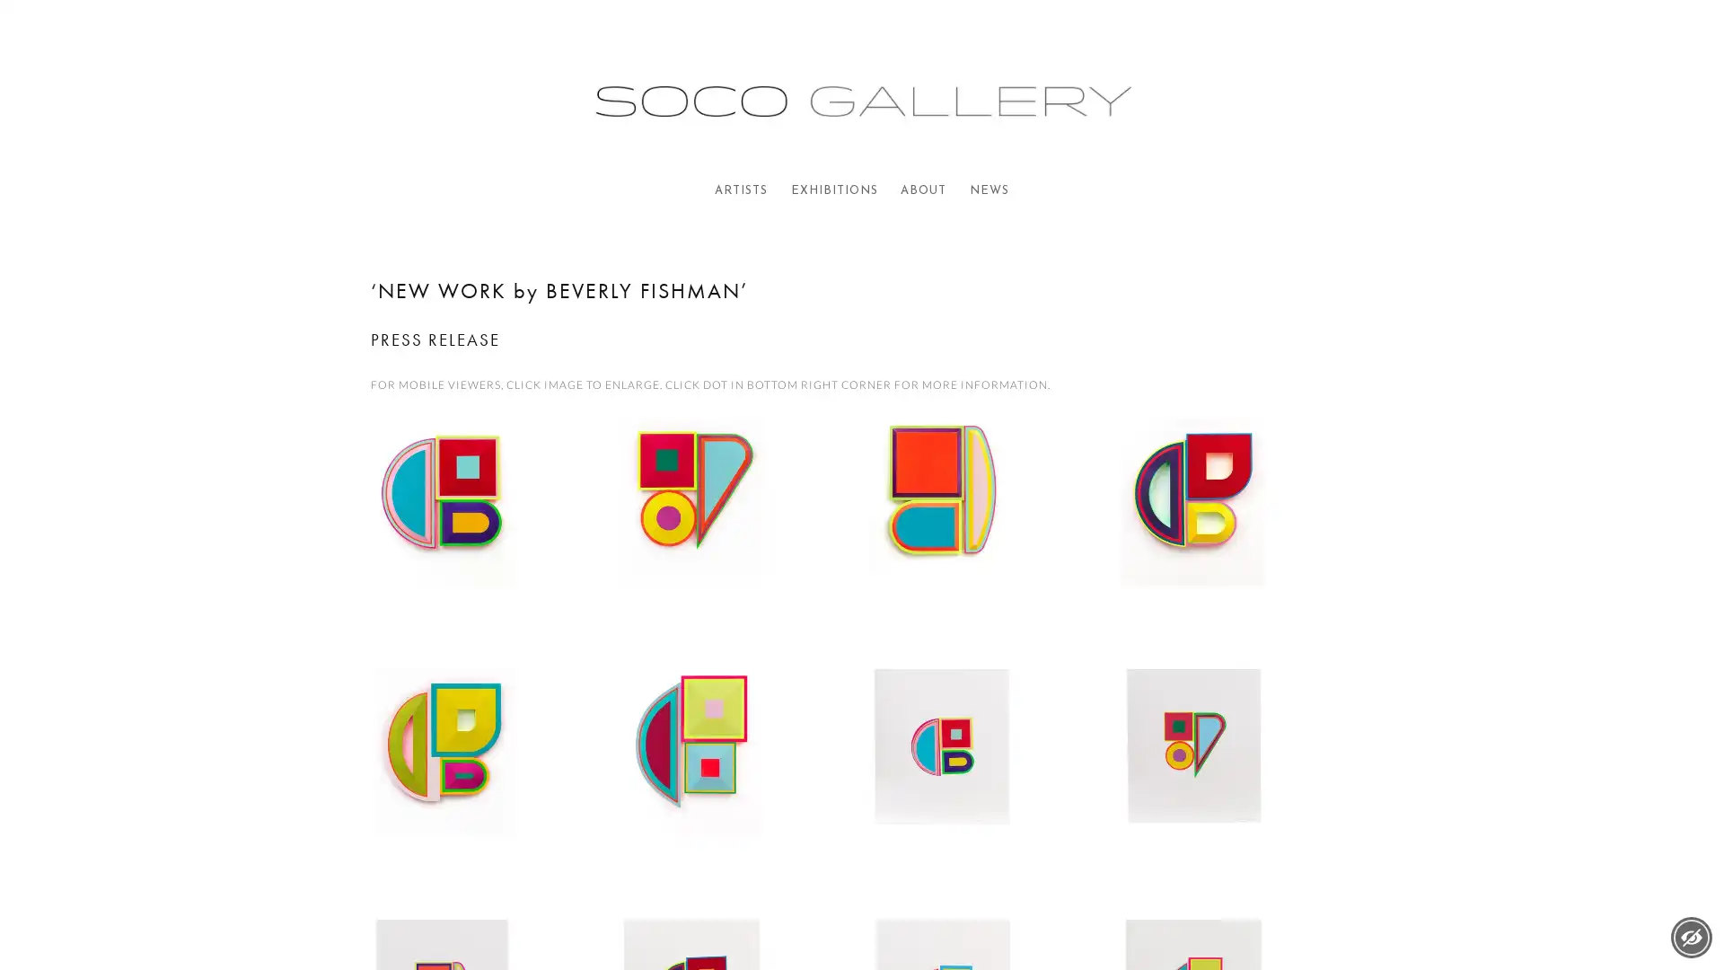 This screenshot has height=970, width=1724. What do you see at coordinates (486, 783) in the screenshot?
I see `View fullsize BEVERLY FISHMAN Untitled (Pain, Opioid Addiction, Anxiety), 2021 Urethane paint on wood 44.75 x 45 inches INQUIRE +` at bounding box center [486, 783].